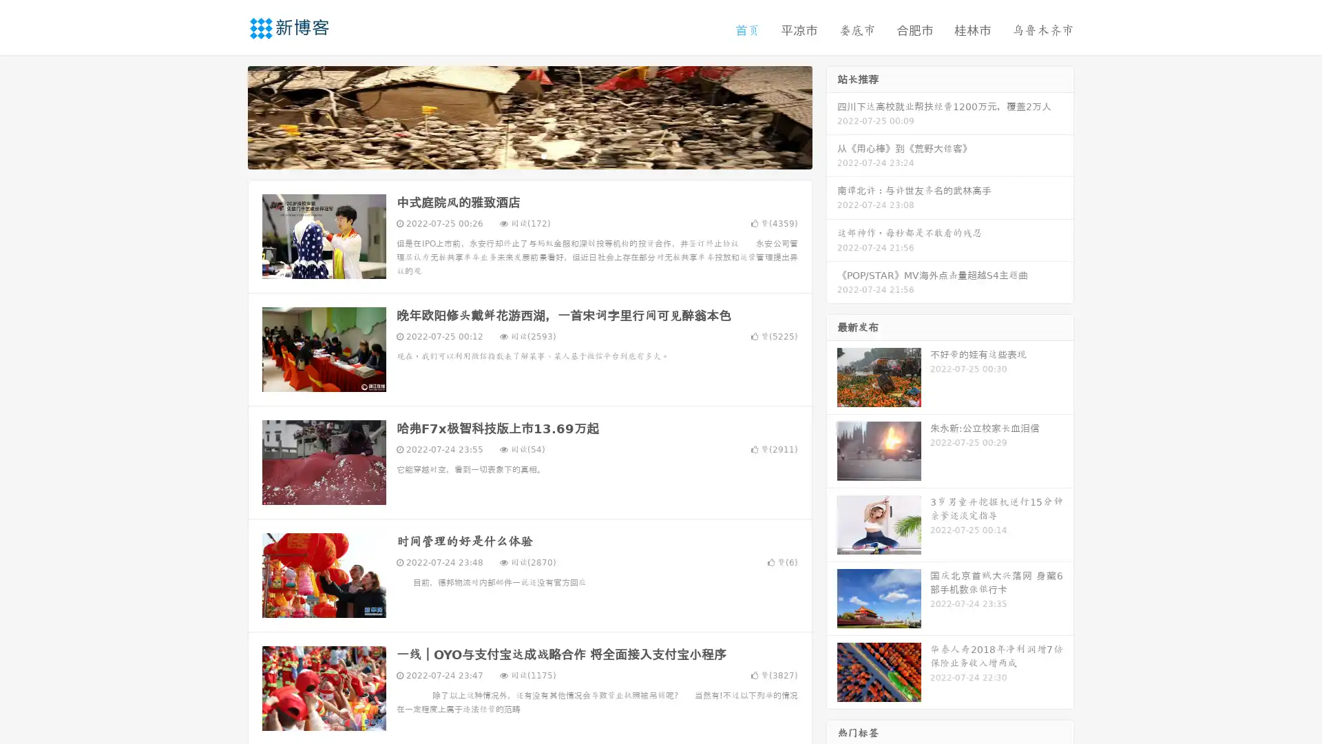  I want to click on Go to slide 1, so click(515, 155).